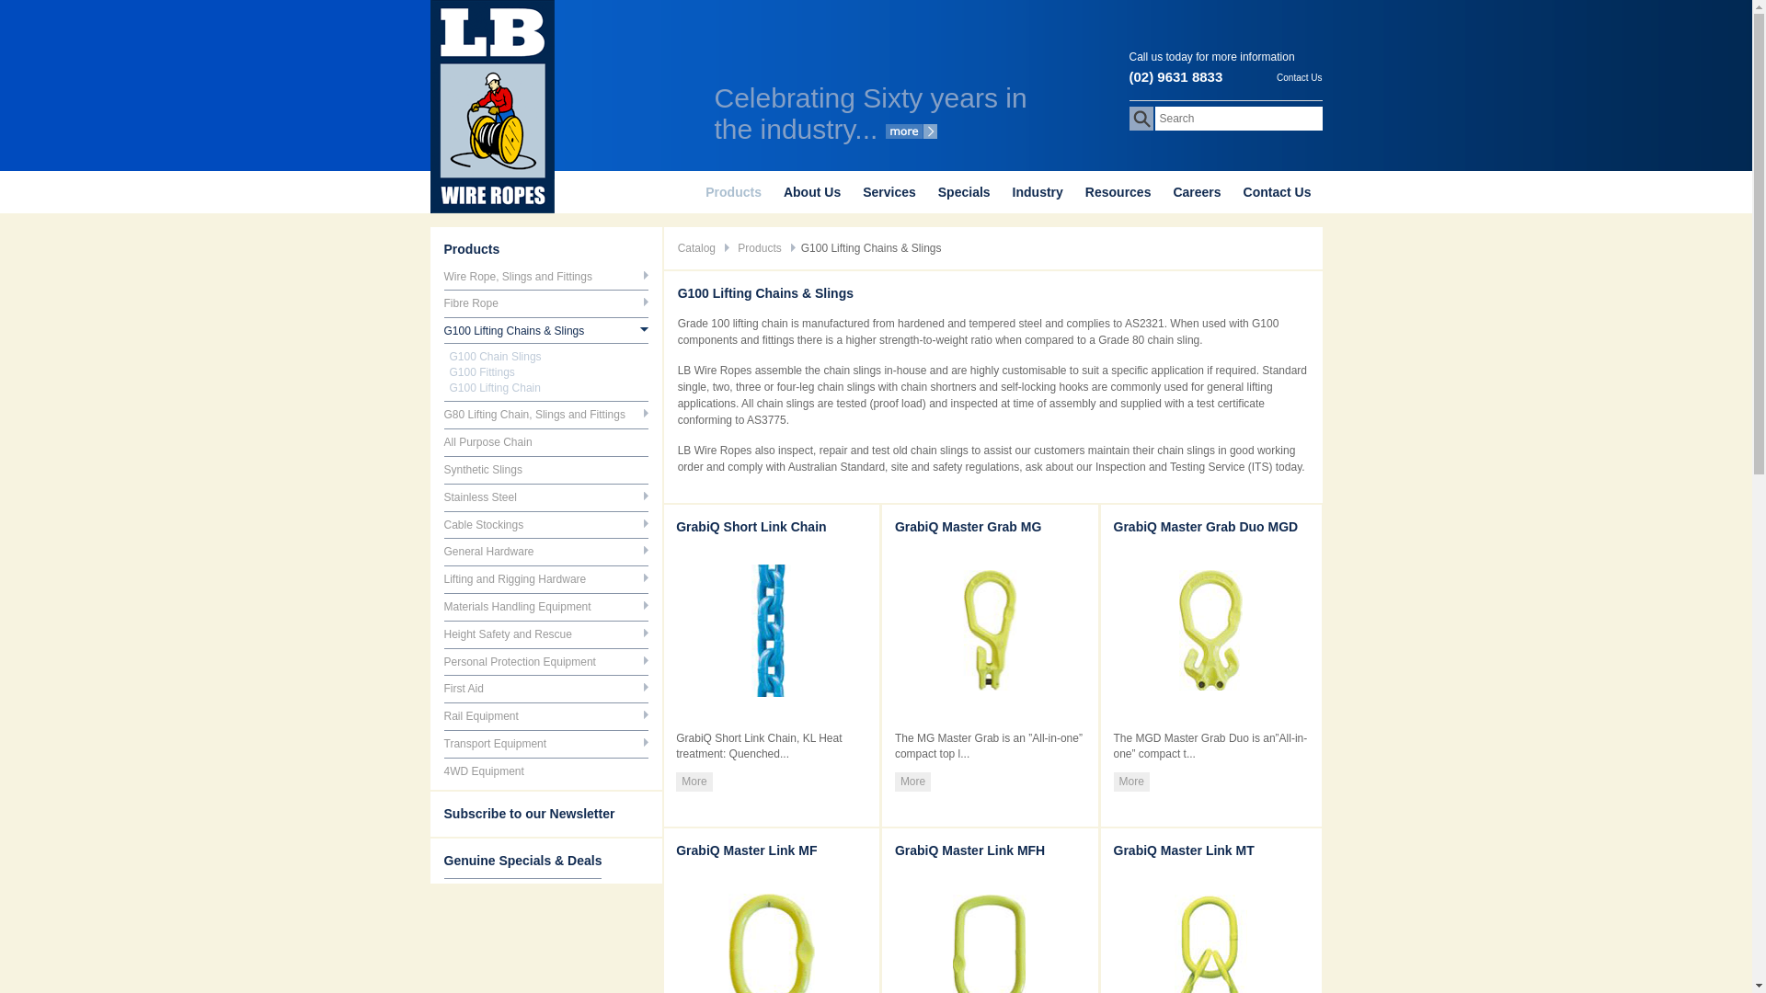 This screenshot has height=993, width=1766. What do you see at coordinates (811, 191) in the screenshot?
I see `'About Us'` at bounding box center [811, 191].